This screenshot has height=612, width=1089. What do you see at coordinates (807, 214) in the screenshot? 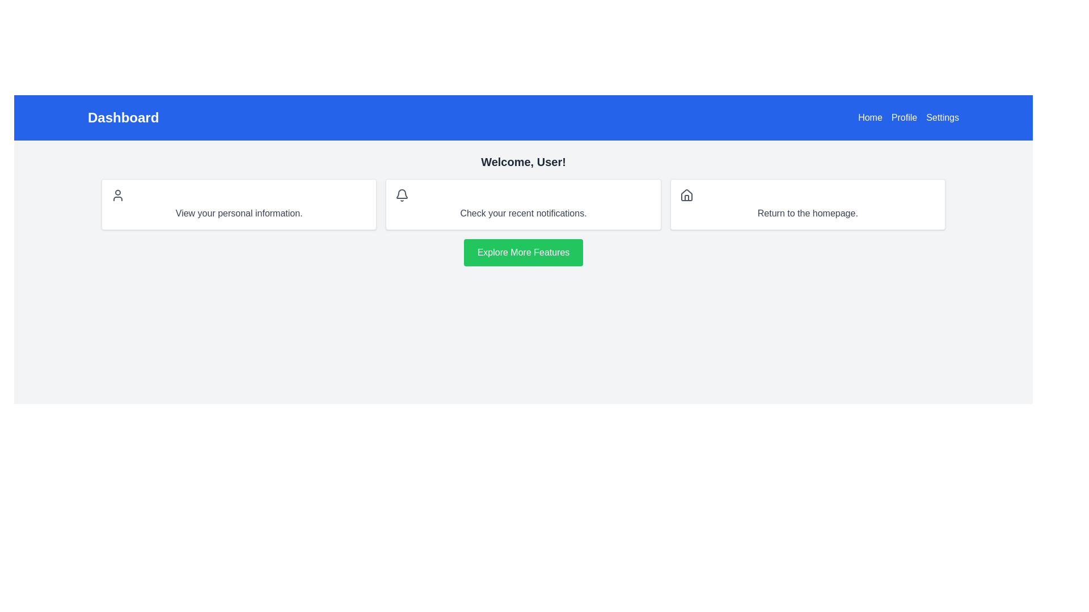
I see `the text label displaying 'Return to the homepage.' located at the bottom of a card in the right-most position of a three-card layout` at bounding box center [807, 214].